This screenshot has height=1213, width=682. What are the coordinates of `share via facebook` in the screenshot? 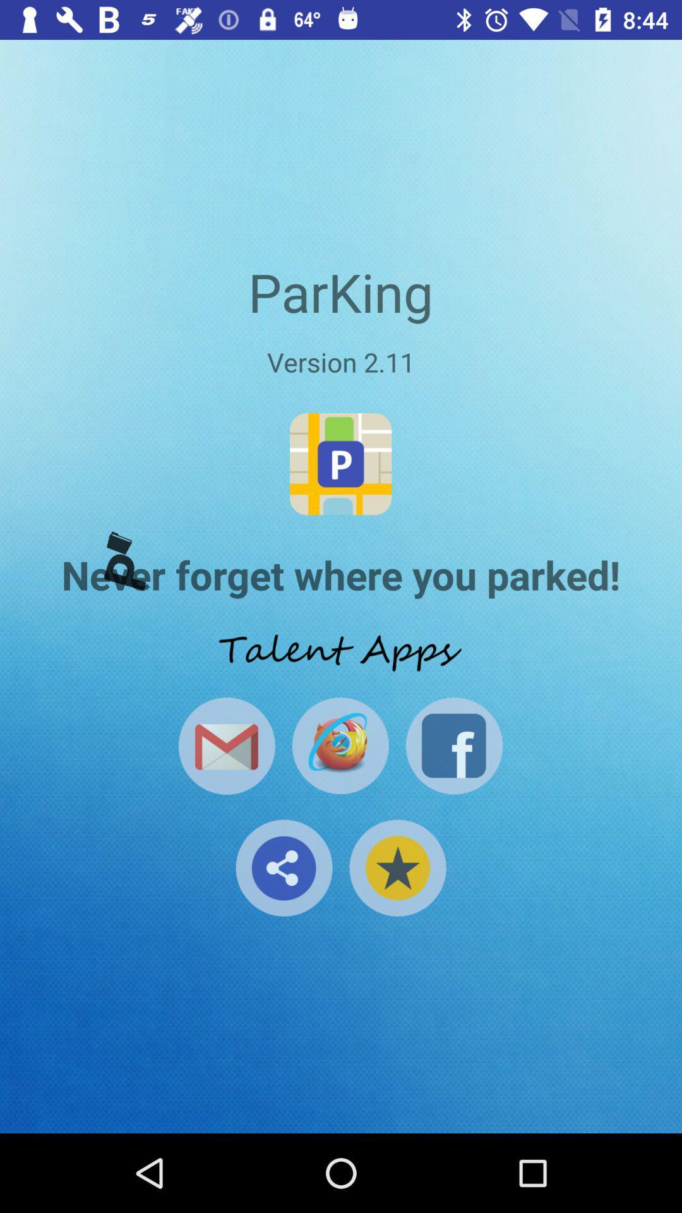 It's located at (453, 745).